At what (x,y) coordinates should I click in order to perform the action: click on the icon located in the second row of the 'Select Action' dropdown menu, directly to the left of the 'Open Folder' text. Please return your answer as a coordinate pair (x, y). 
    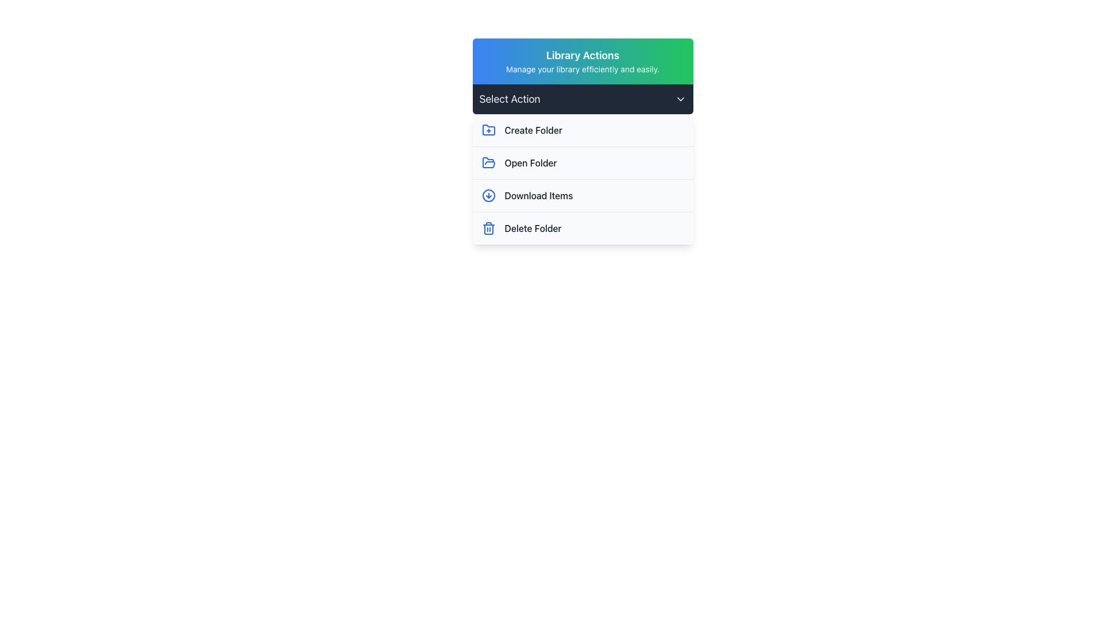
    Looking at the image, I should click on (488, 162).